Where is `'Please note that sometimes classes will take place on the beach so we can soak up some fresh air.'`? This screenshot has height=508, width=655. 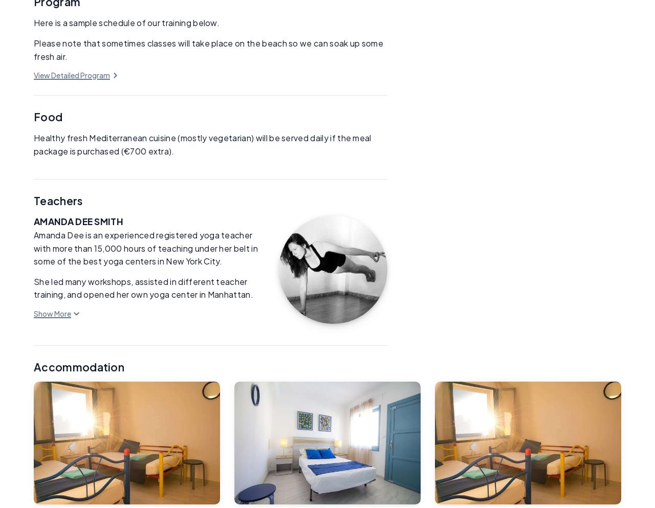
'Please note that sometimes classes will take place on the beach so we can soak up some fresh air.' is located at coordinates (208, 49).